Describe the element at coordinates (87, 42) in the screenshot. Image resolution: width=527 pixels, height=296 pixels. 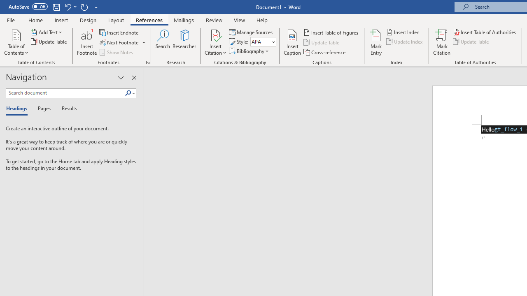
I see `'Insert Footnote'` at that location.